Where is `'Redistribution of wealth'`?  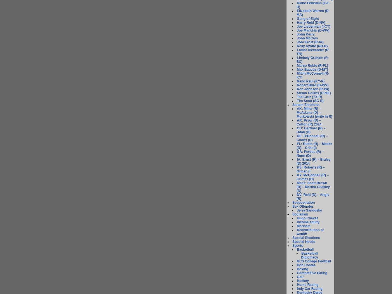
'Redistribution of wealth' is located at coordinates (310, 232).